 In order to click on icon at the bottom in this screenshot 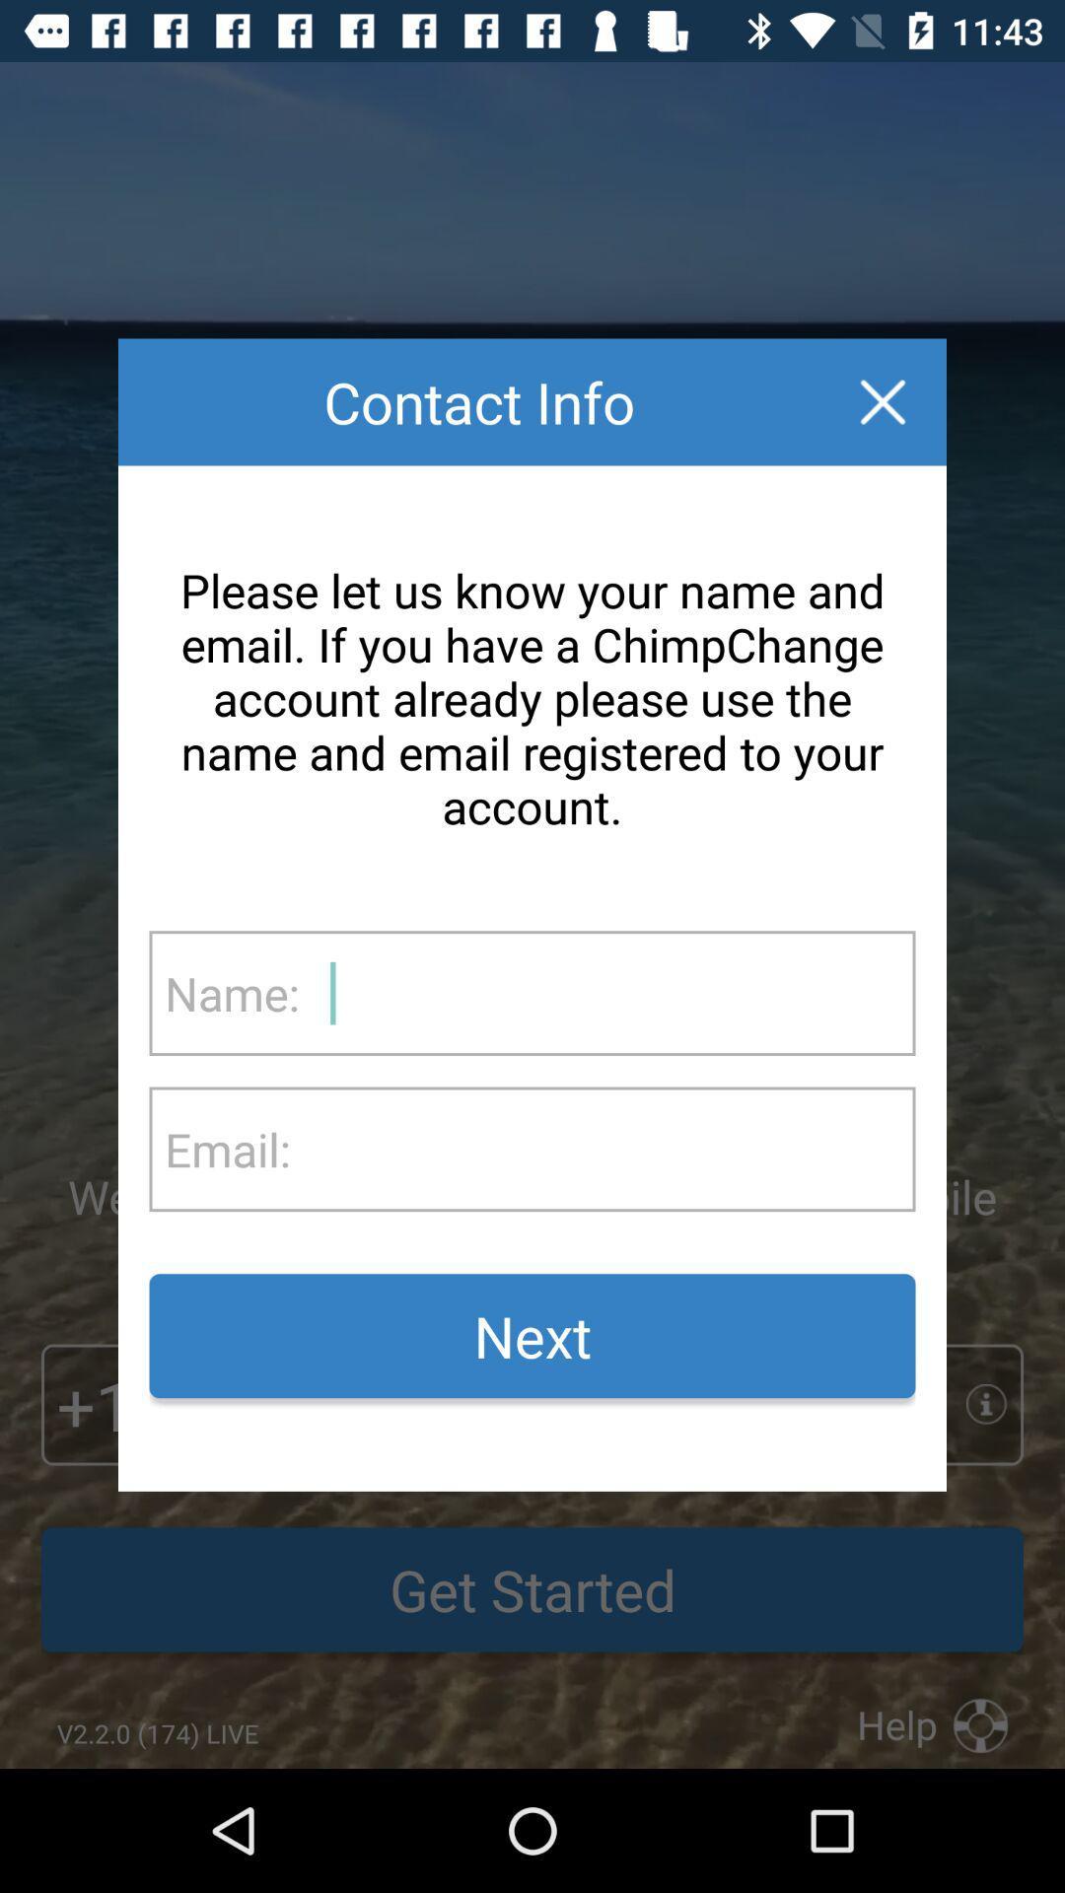, I will do `click(532, 1336)`.